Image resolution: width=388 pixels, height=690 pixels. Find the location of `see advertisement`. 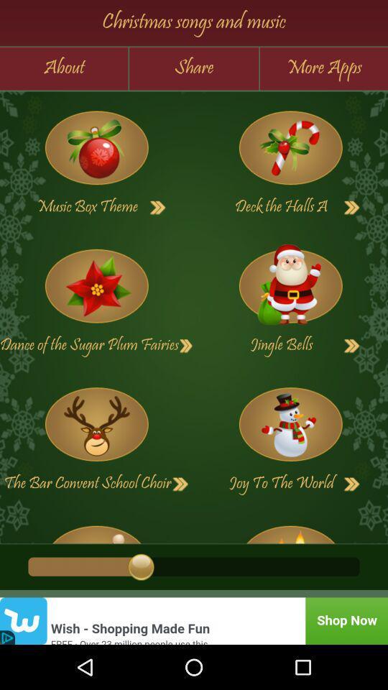

see advertisement is located at coordinates (194, 620).